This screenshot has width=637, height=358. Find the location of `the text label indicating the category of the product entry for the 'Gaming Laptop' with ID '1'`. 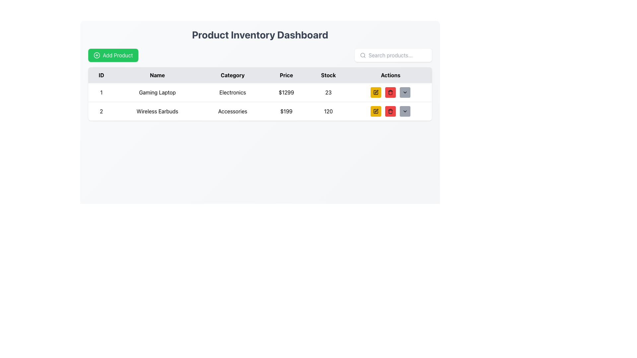

the text label indicating the category of the product entry for the 'Gaming Laptop' with ID '1' is located at coordinates (233, 92).